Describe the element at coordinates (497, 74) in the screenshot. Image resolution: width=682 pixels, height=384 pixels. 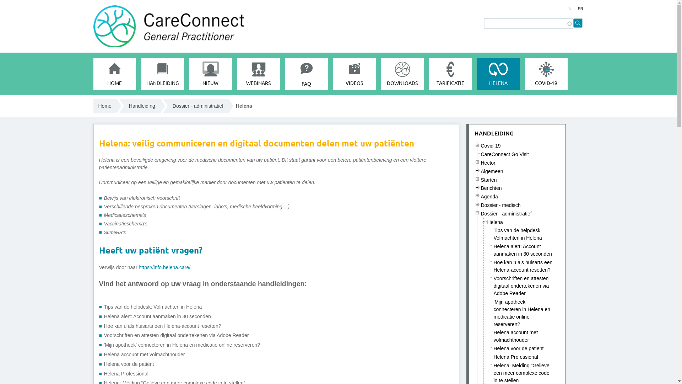
I see `'HELENA'` at that location.